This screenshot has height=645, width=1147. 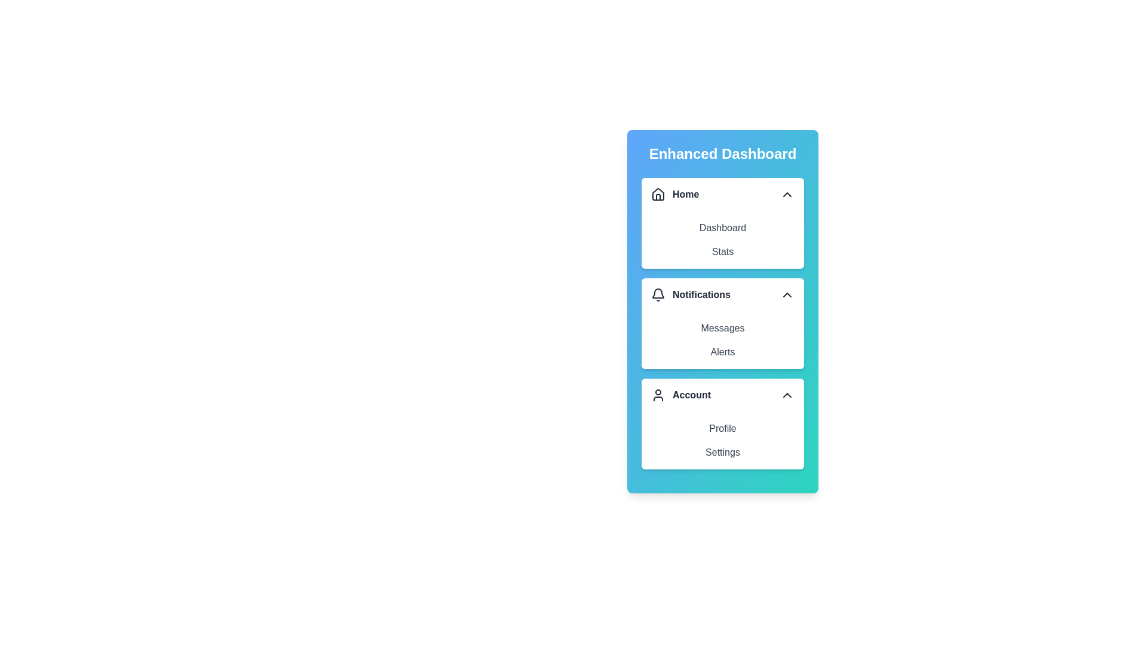 I want to click on the menu item Alerts from the expanded section, so click(x=722, y=352).